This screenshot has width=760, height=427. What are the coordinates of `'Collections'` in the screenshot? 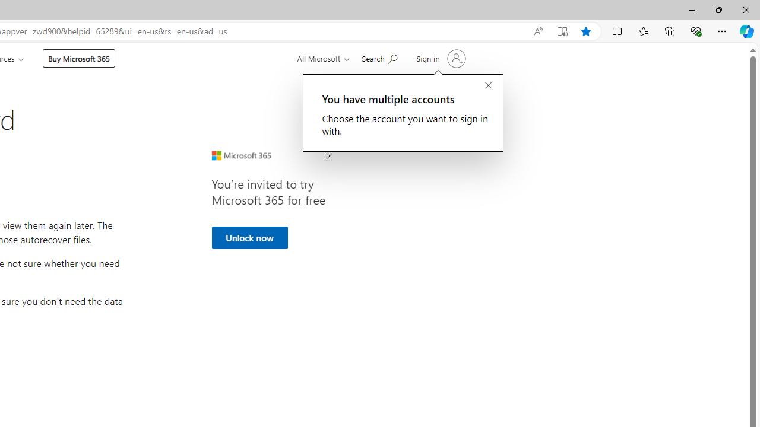 It's located at (670, 30).